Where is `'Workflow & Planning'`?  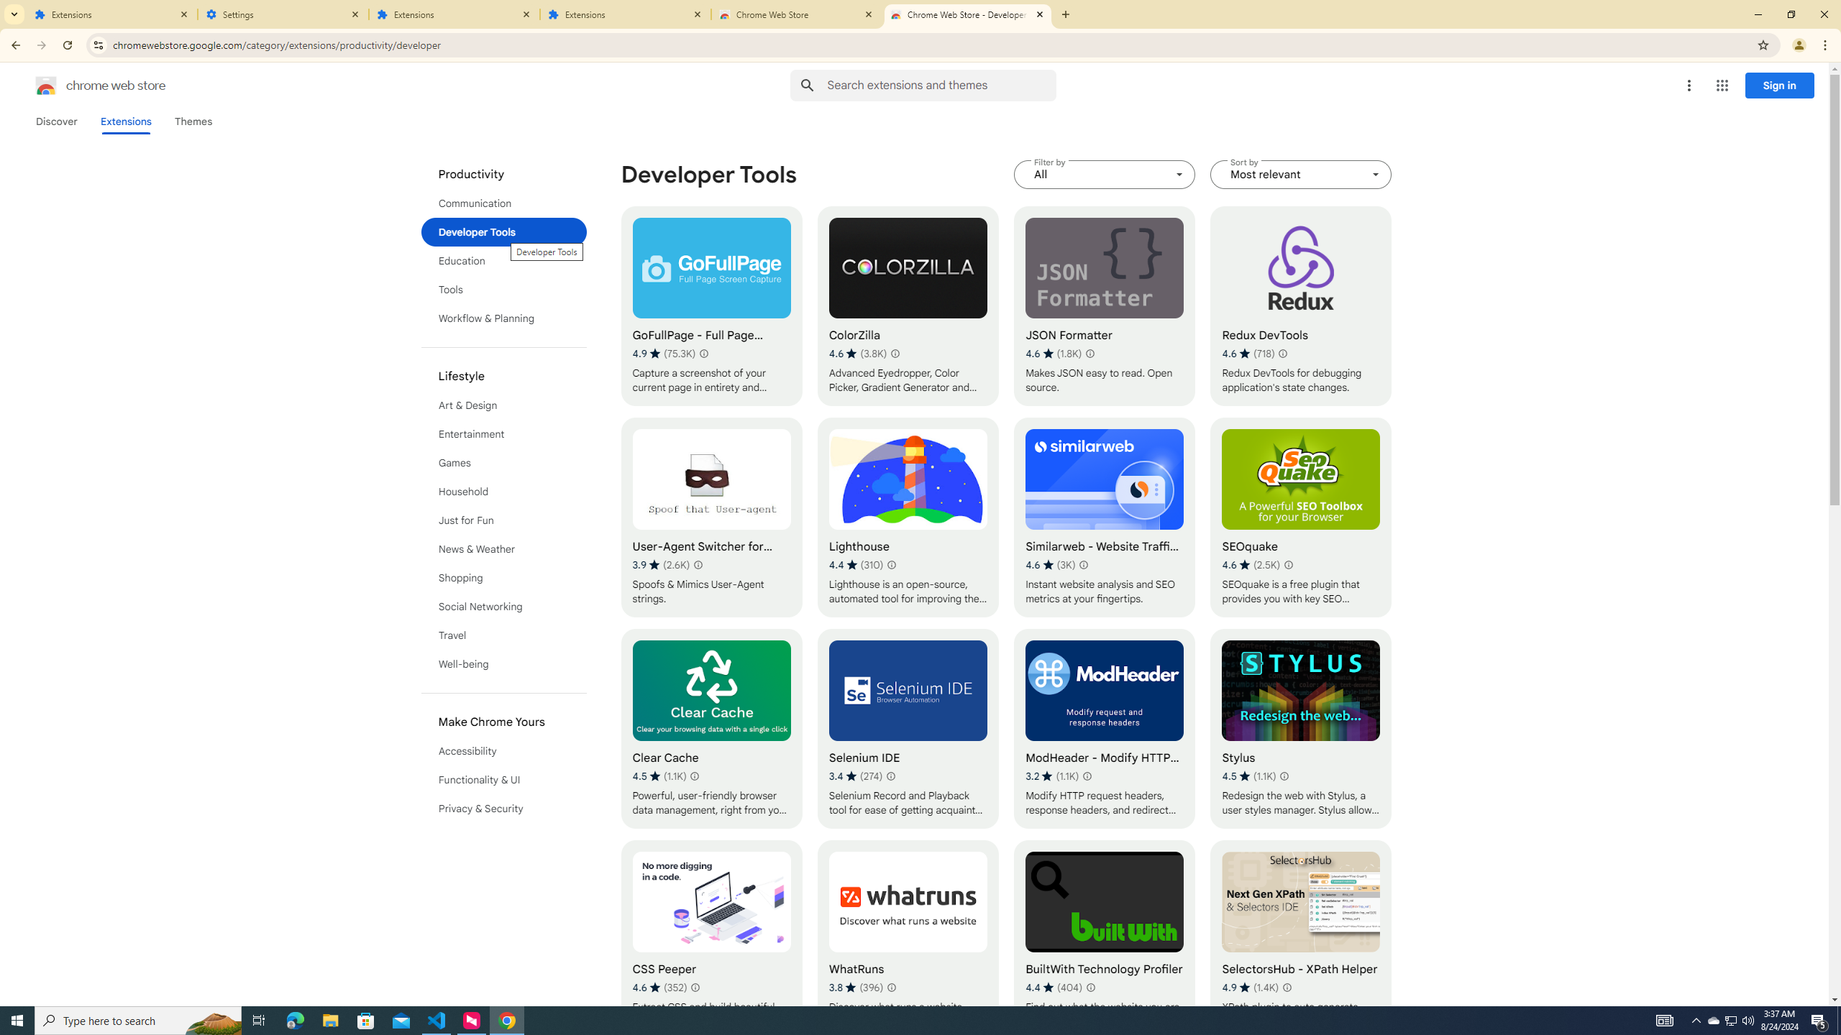
'Workflow & Planning' is located at coordinates (504, 318).